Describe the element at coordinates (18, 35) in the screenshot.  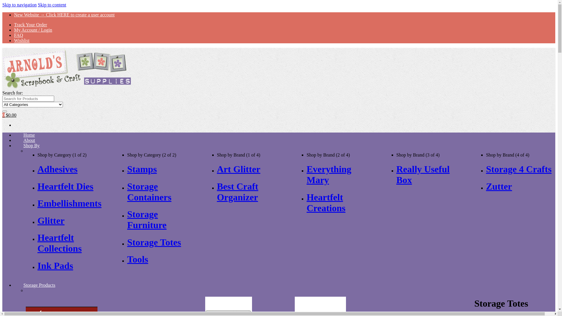
I see `'FAQ'` at that location.